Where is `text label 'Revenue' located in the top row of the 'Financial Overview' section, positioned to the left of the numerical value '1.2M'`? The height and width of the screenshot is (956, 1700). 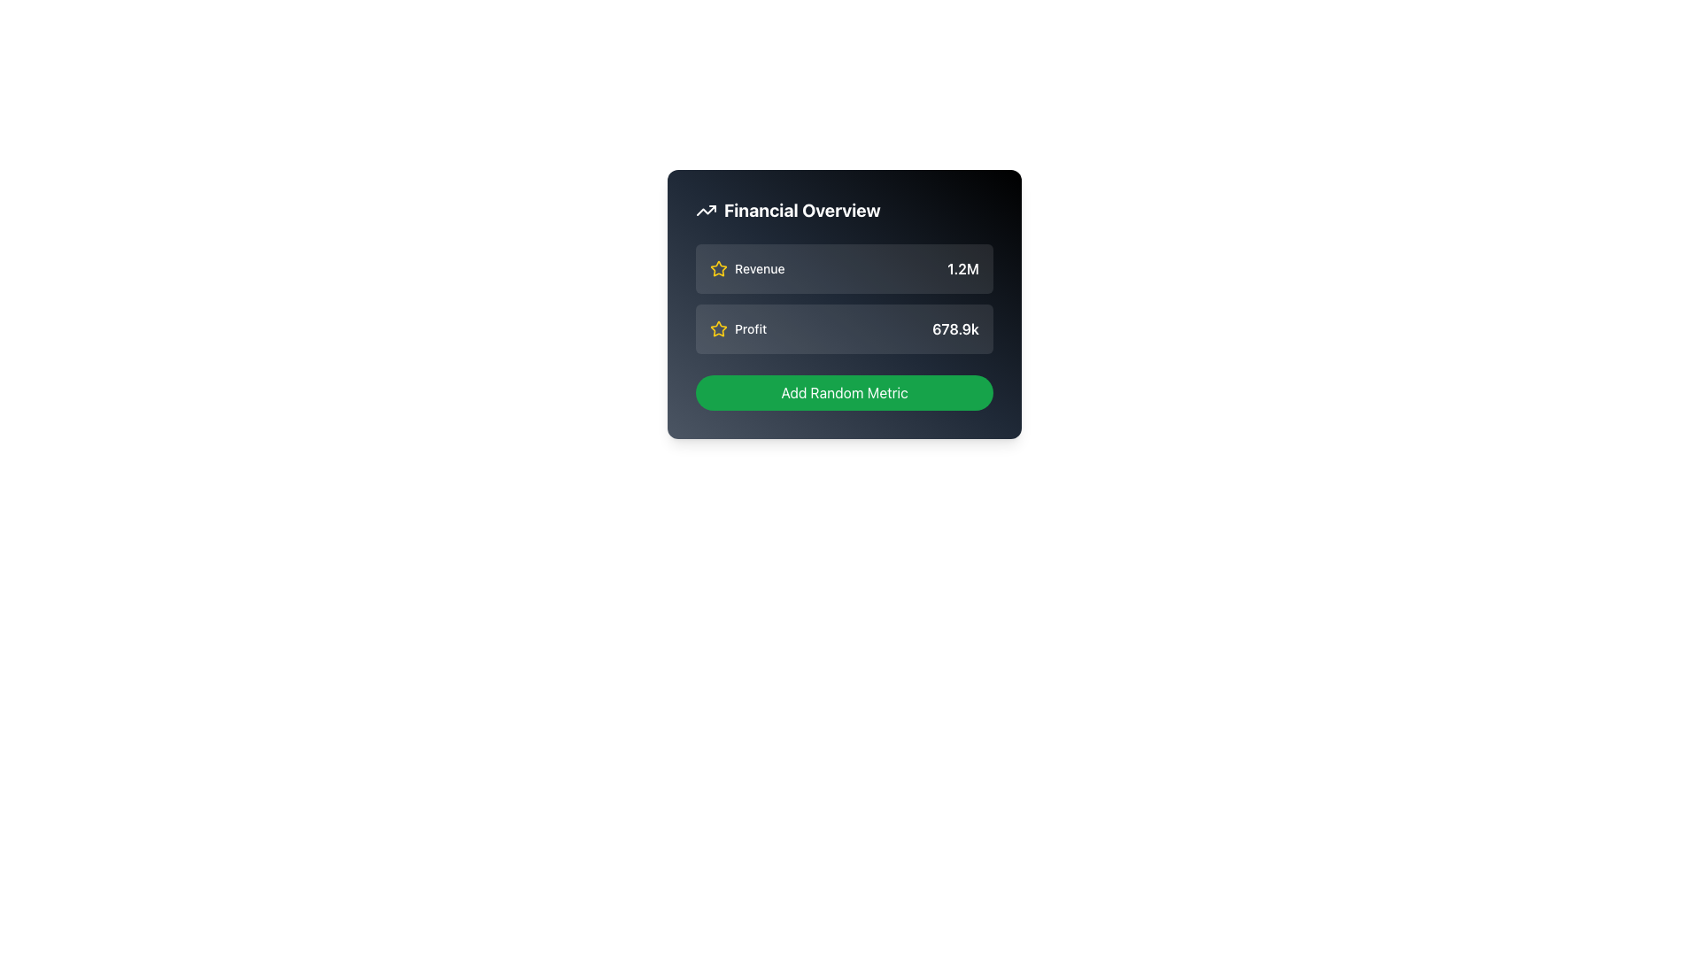
text label 'Revenue' located in the top row of the 'Financial Overview' section, positioned to the left of the numerical value '1.2M' is located at coordinates (760, 269).